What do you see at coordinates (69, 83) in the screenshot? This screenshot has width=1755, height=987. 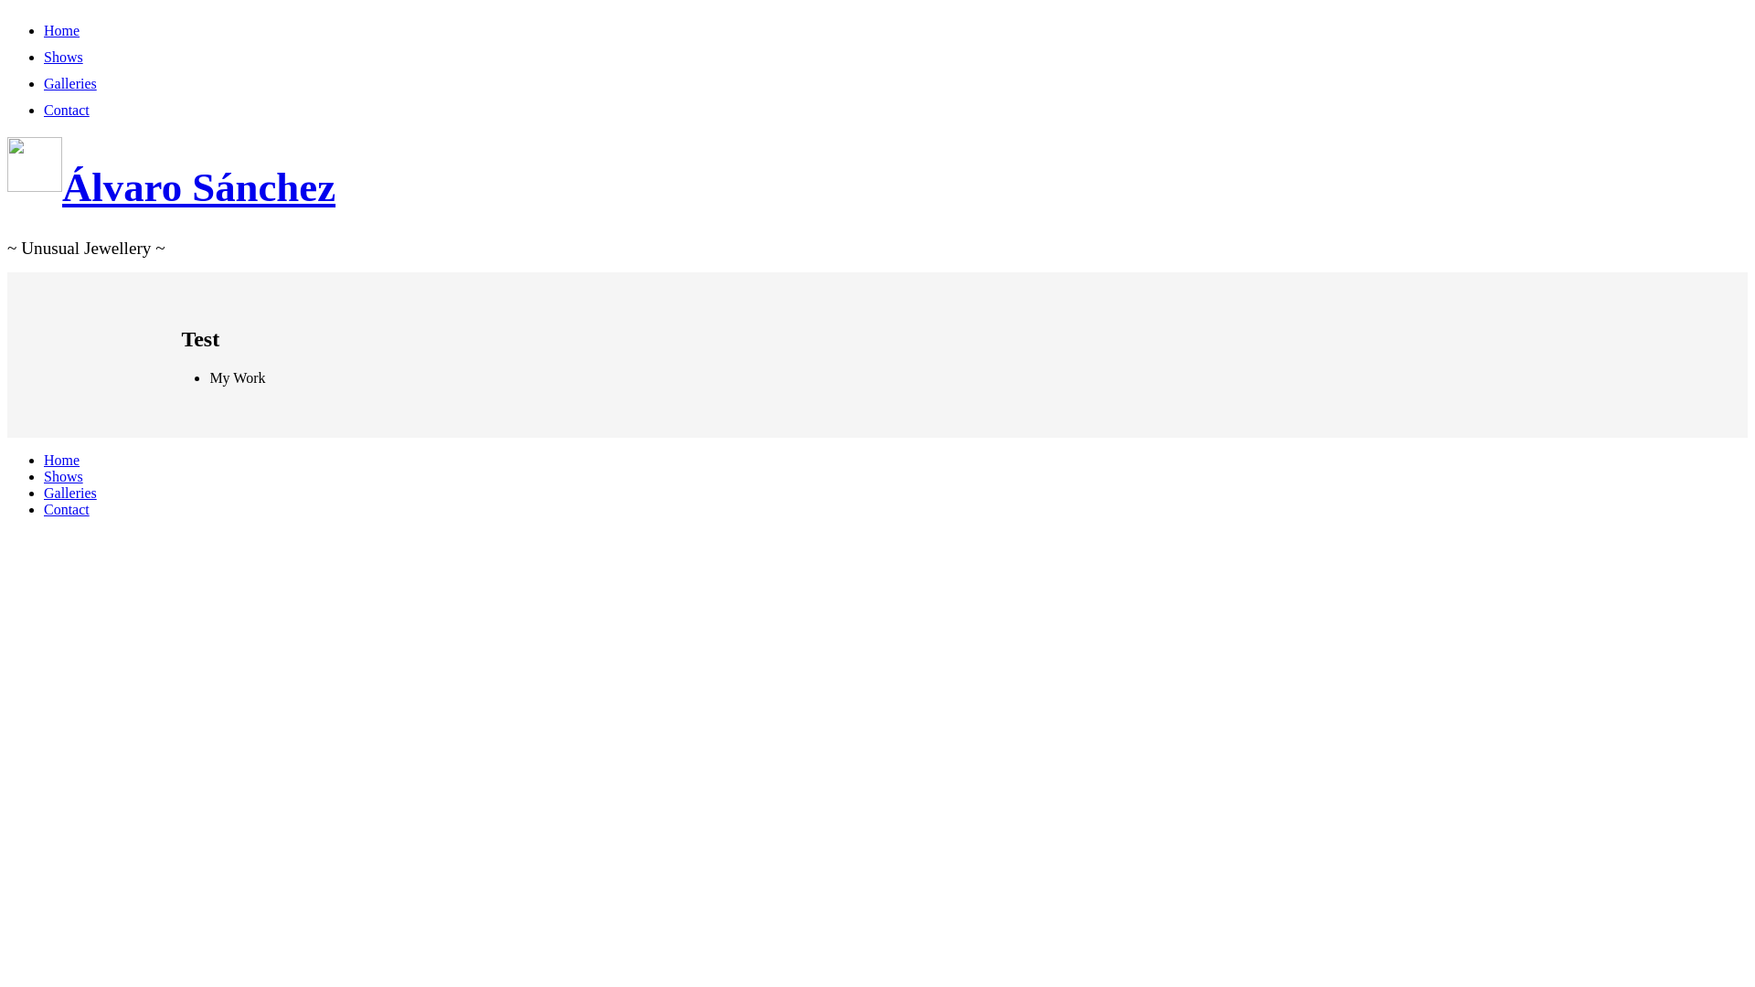 I see `'Galleries'` at bounding box center [69, 83].